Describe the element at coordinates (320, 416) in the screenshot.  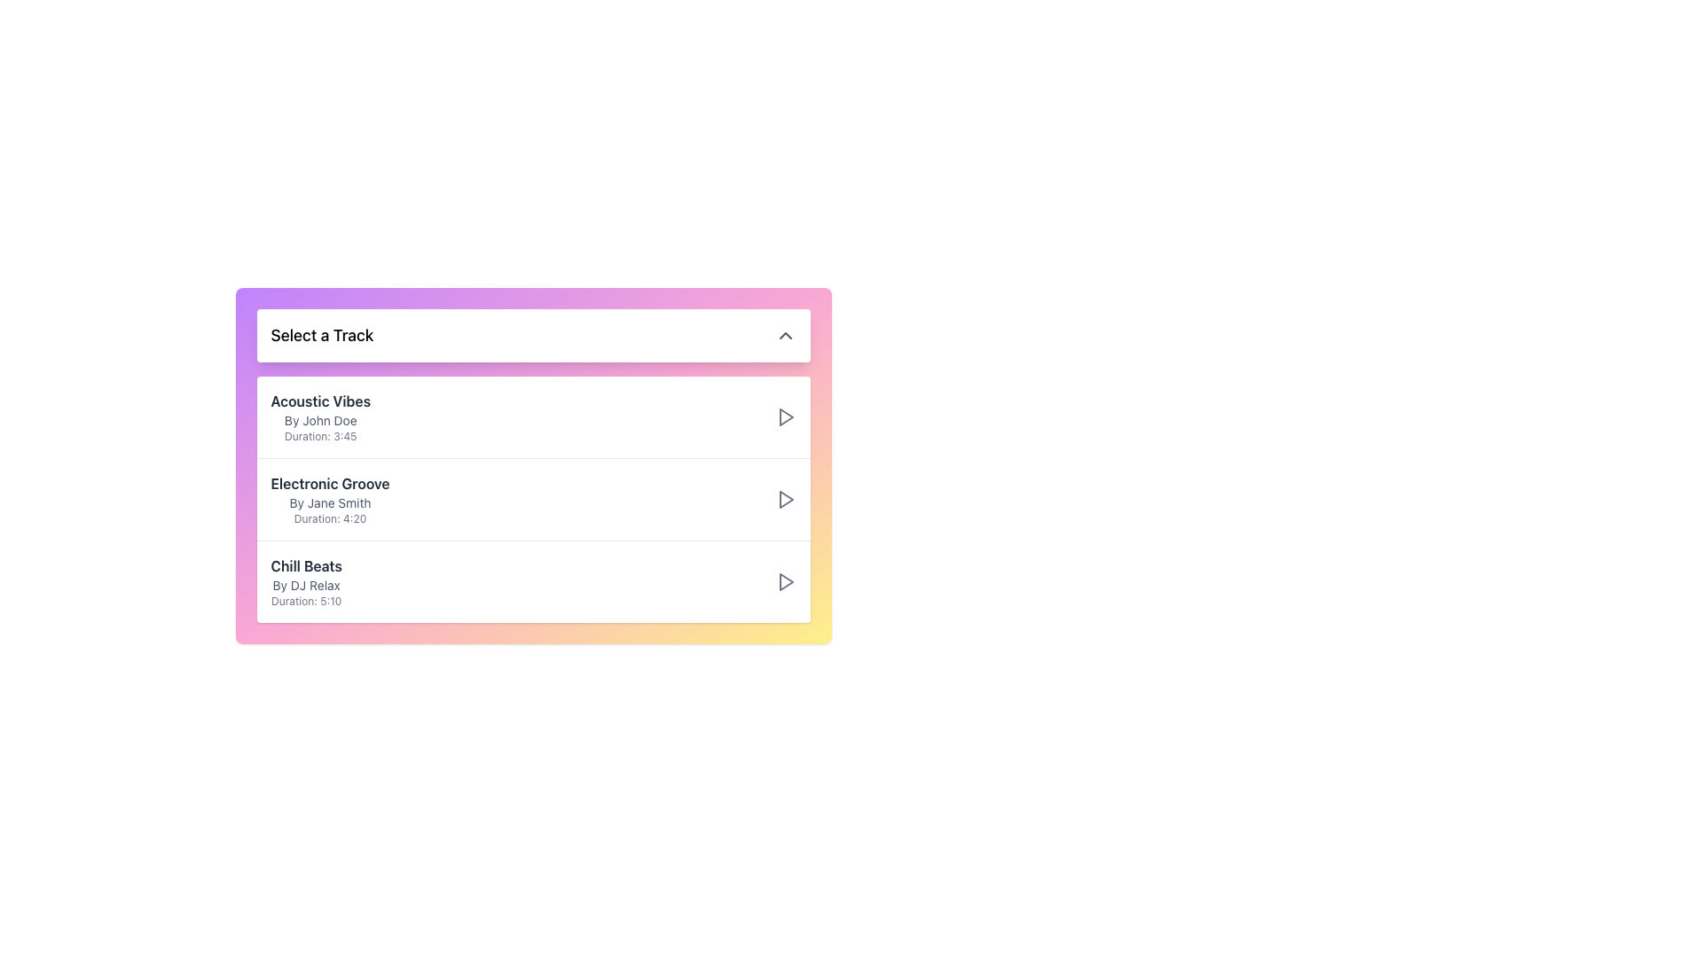
I see `the text block containing information about a track, which is the first entry in the list below the header 'Select a Track'` at that location.